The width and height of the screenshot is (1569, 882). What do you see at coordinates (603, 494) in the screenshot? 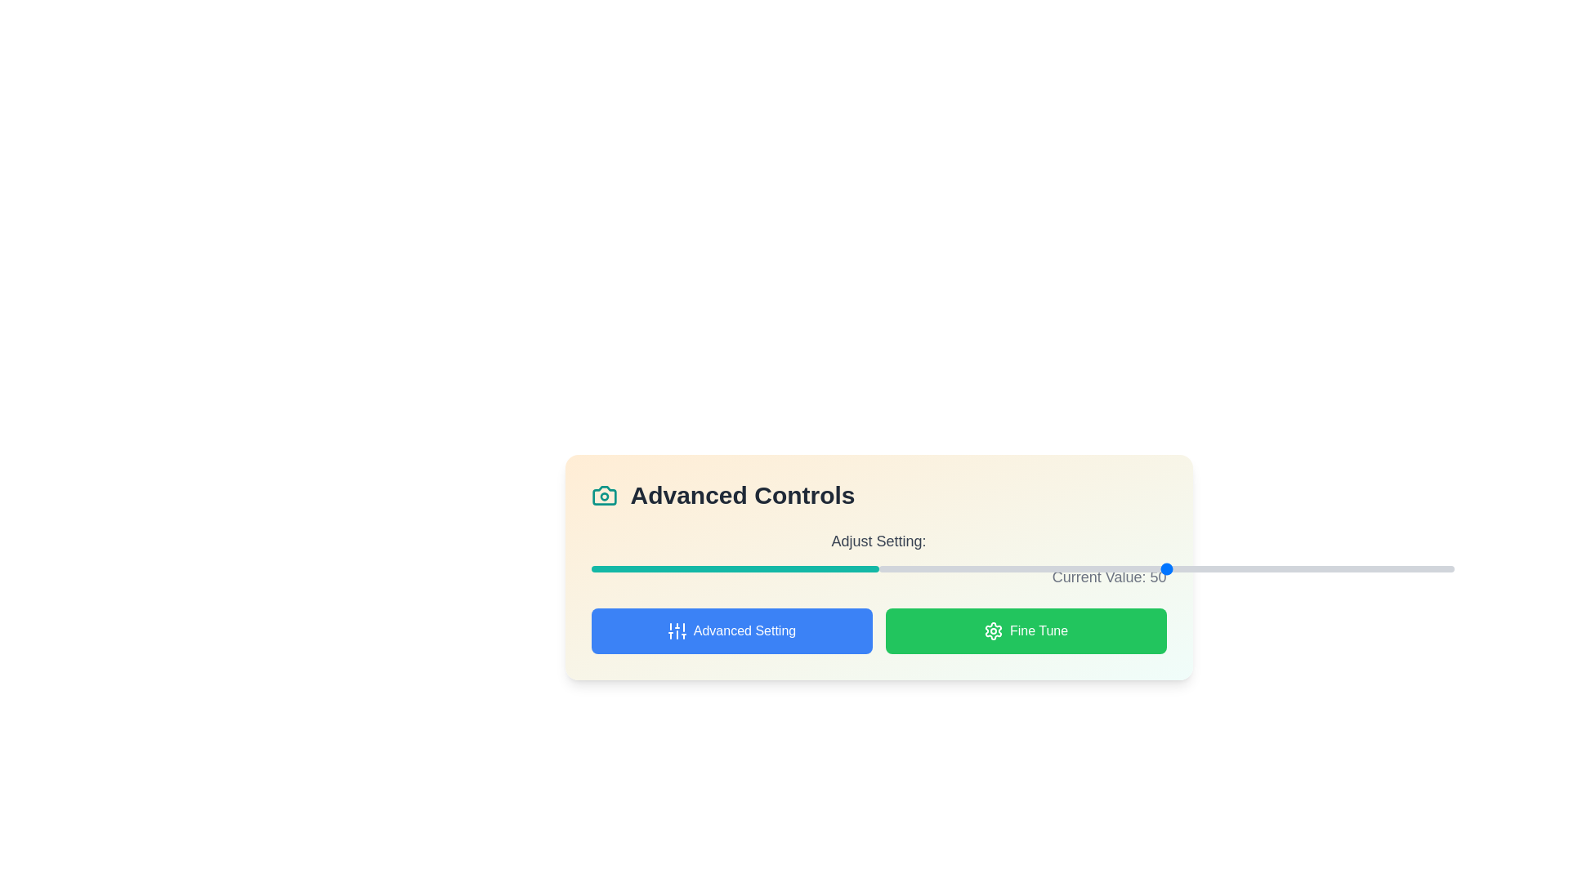
I see `the camera icon outlined with a teal stroke, positioned to the left of the 'Advanced Controls' text` at bounding box center [603, 494].